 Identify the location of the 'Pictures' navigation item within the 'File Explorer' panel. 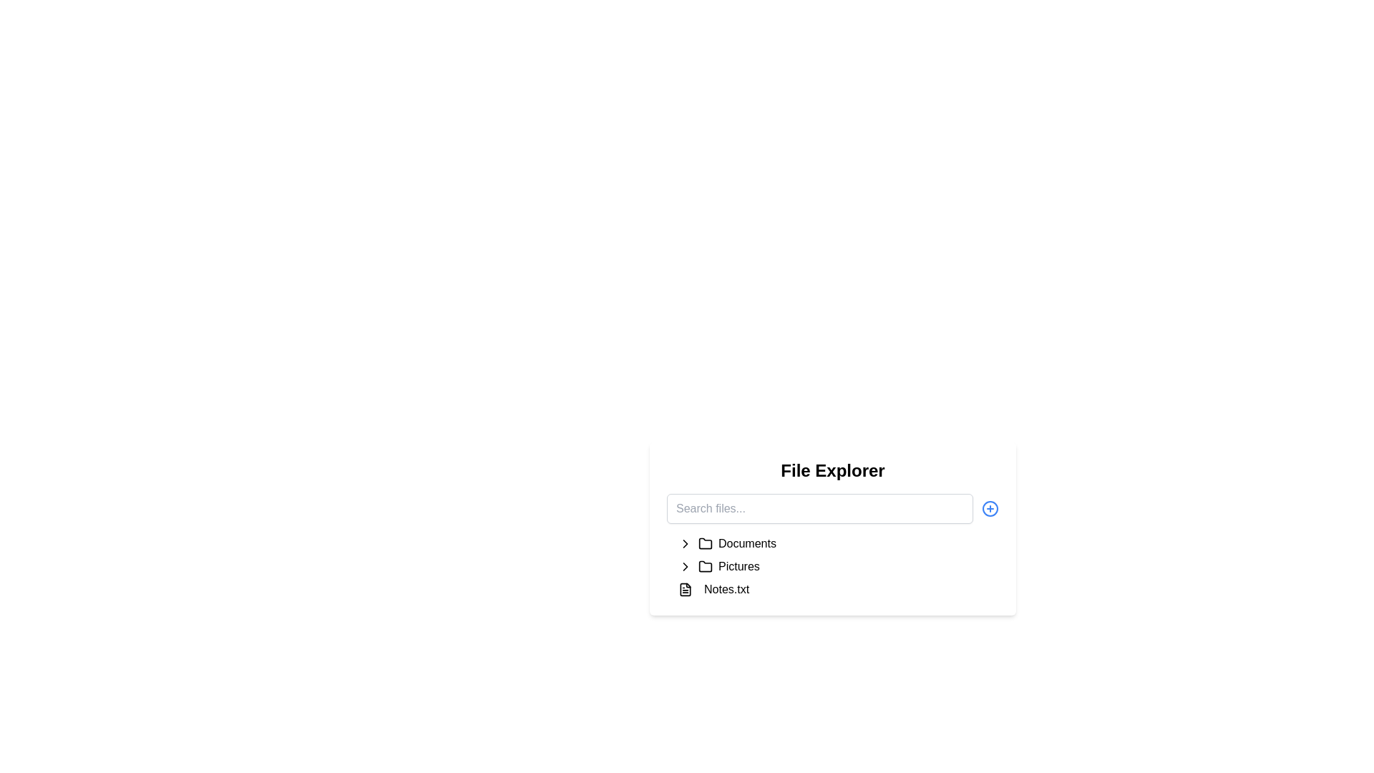
(838, 565).